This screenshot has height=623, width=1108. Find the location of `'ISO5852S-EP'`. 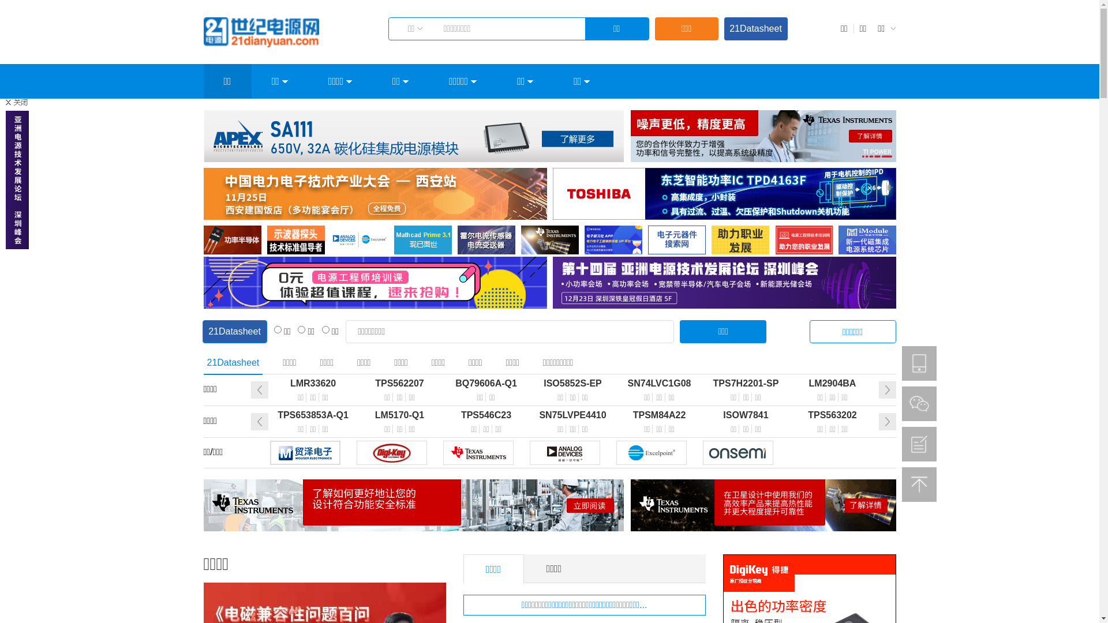

'ISO5852S-EP' is located at coordinates (573, 383).